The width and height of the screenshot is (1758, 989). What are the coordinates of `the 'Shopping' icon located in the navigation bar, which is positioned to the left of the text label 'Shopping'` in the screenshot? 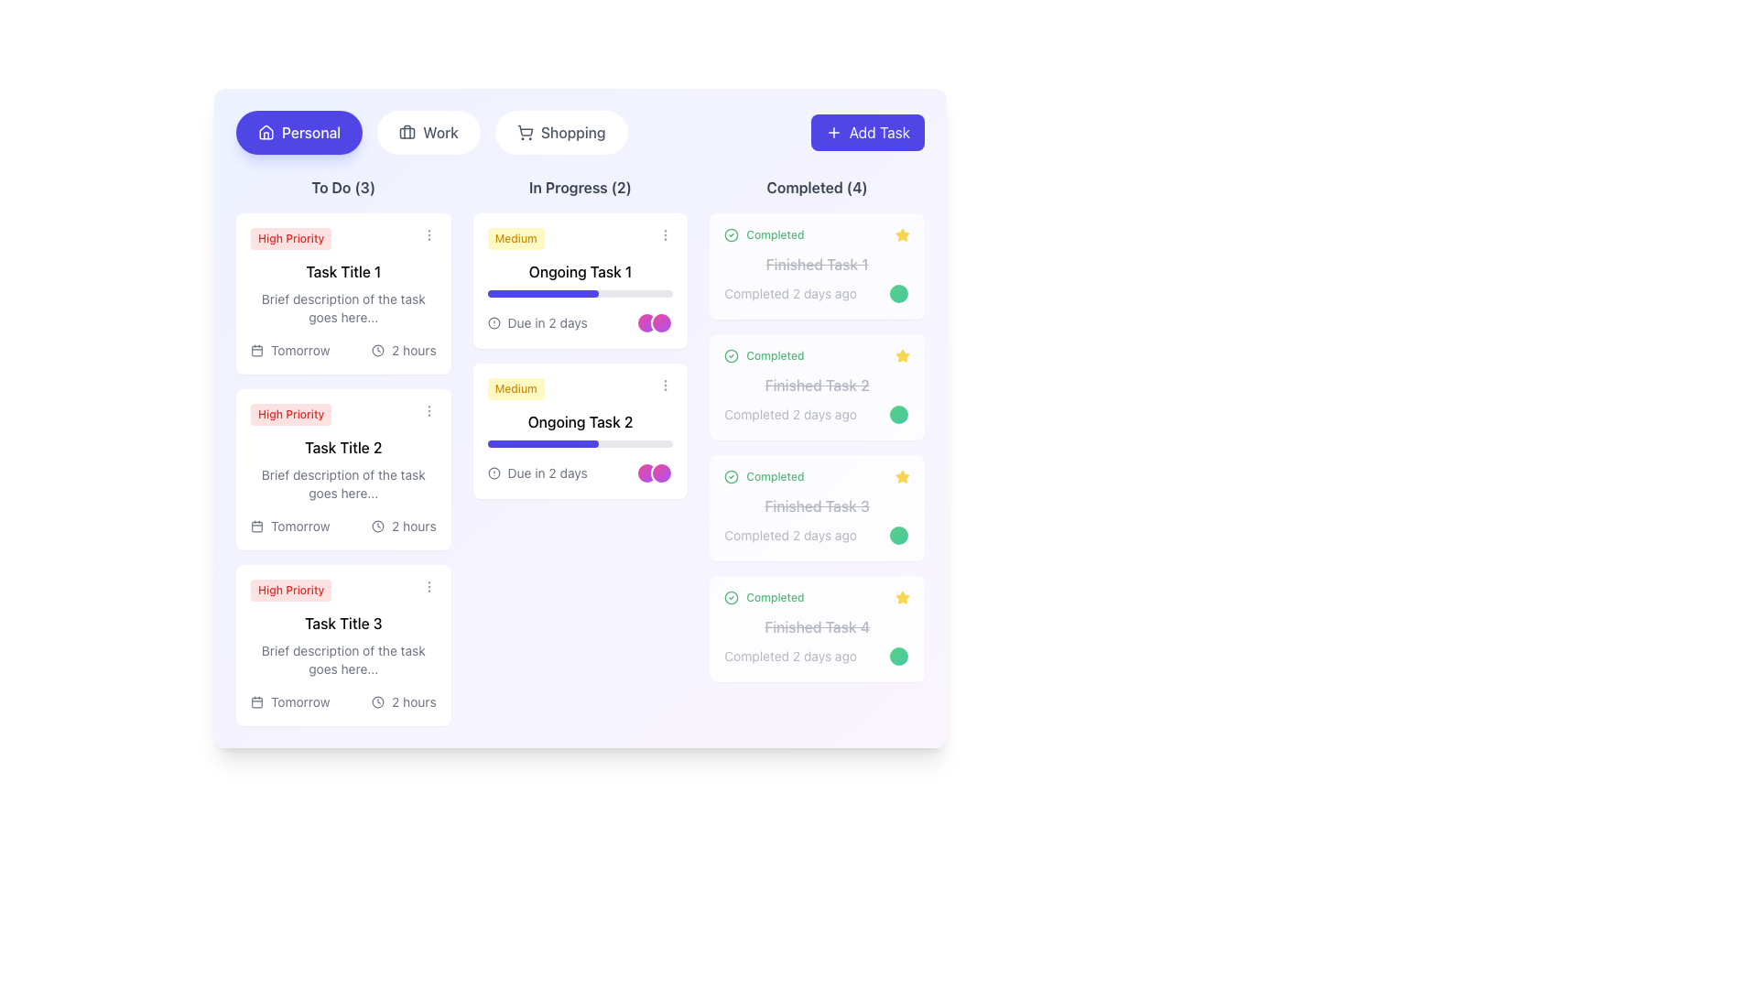 It's located at (524, 132).